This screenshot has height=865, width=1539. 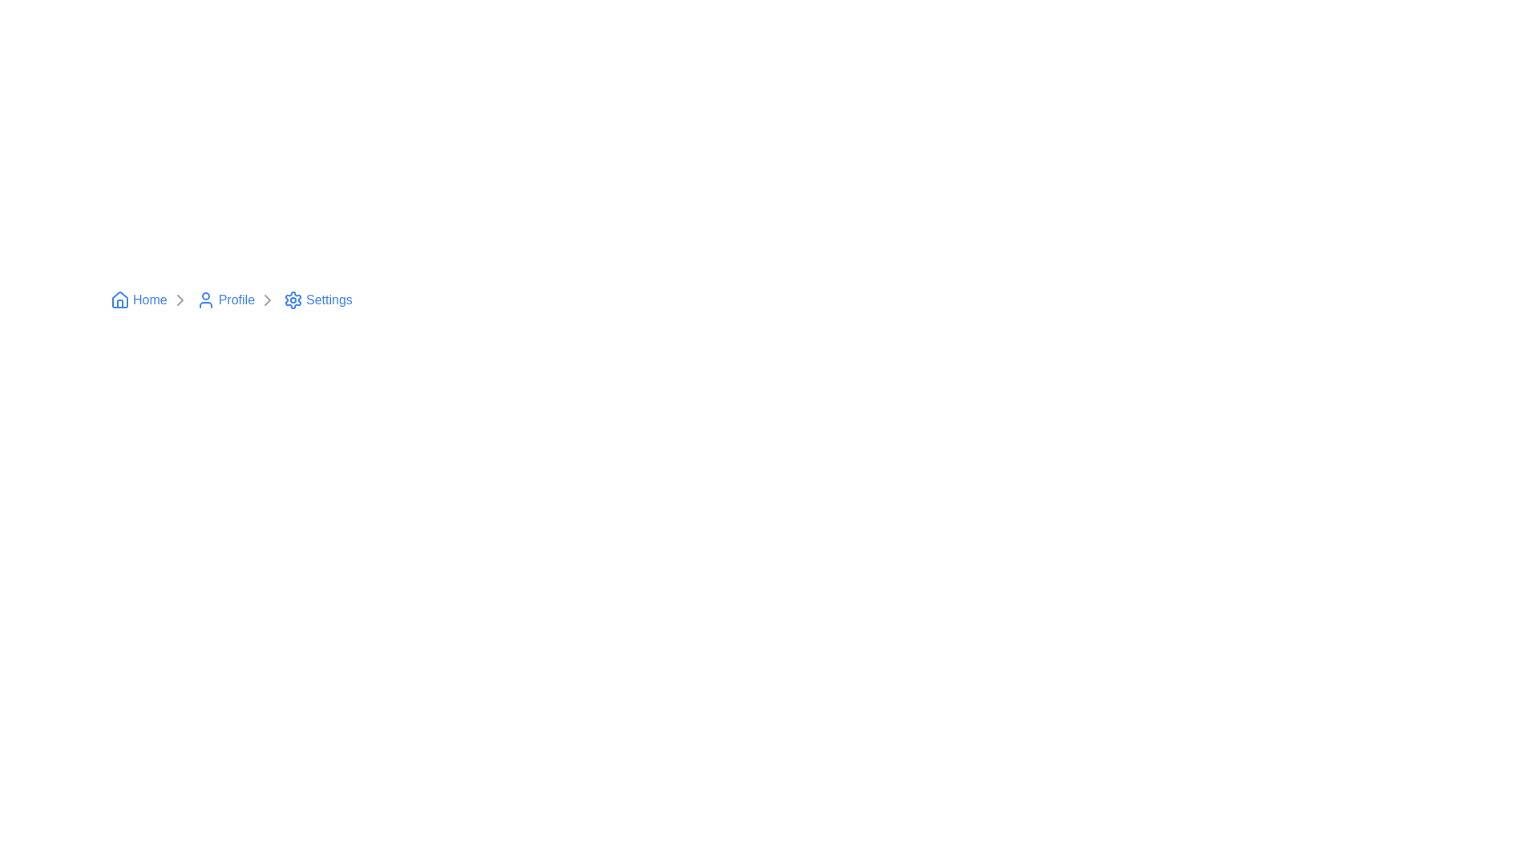 I want to click on the right-pointing chevron arrow icon, which is styled as text-gray-400 and located between the 'Profile' and 'Settings' text elements in the navigation bar, so click(x=268, y=300).